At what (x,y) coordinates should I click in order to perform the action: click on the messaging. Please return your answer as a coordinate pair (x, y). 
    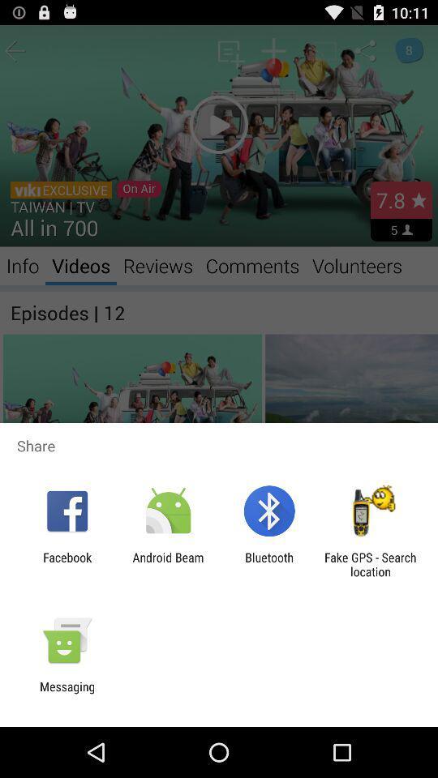
    Looking at the image, I should click on (67, 693).